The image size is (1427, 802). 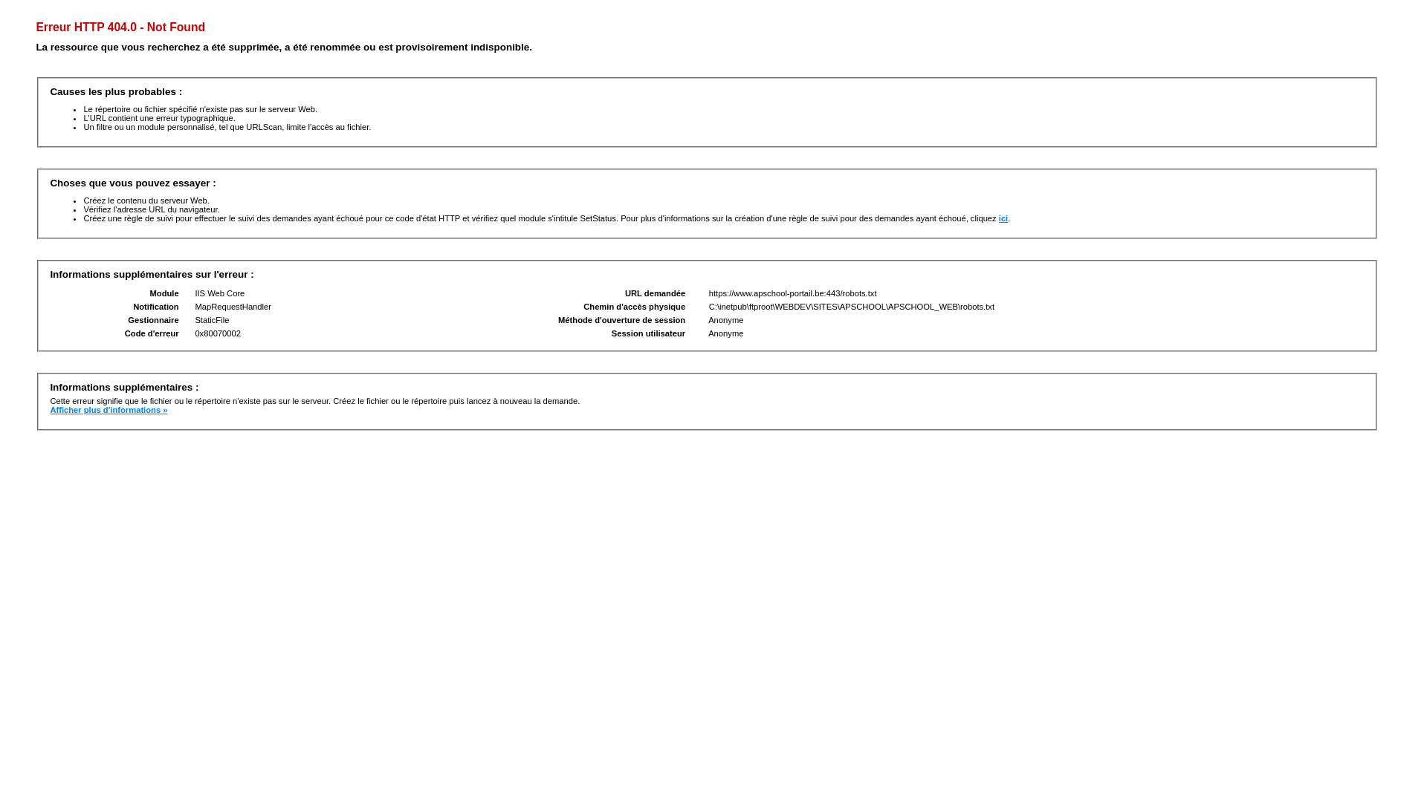 I want to click on 'ici', so click(x=1003, y=218).